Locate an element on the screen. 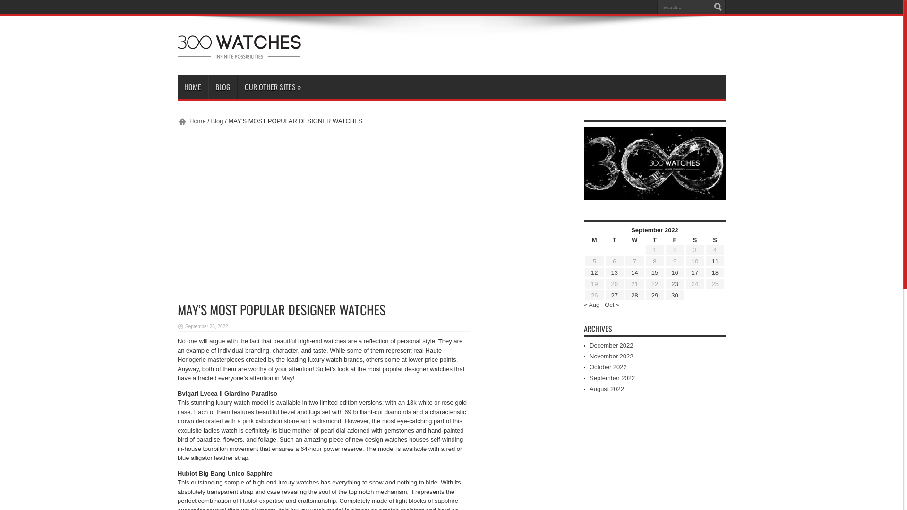  'September 2022' is located at coordinates (612, 377).